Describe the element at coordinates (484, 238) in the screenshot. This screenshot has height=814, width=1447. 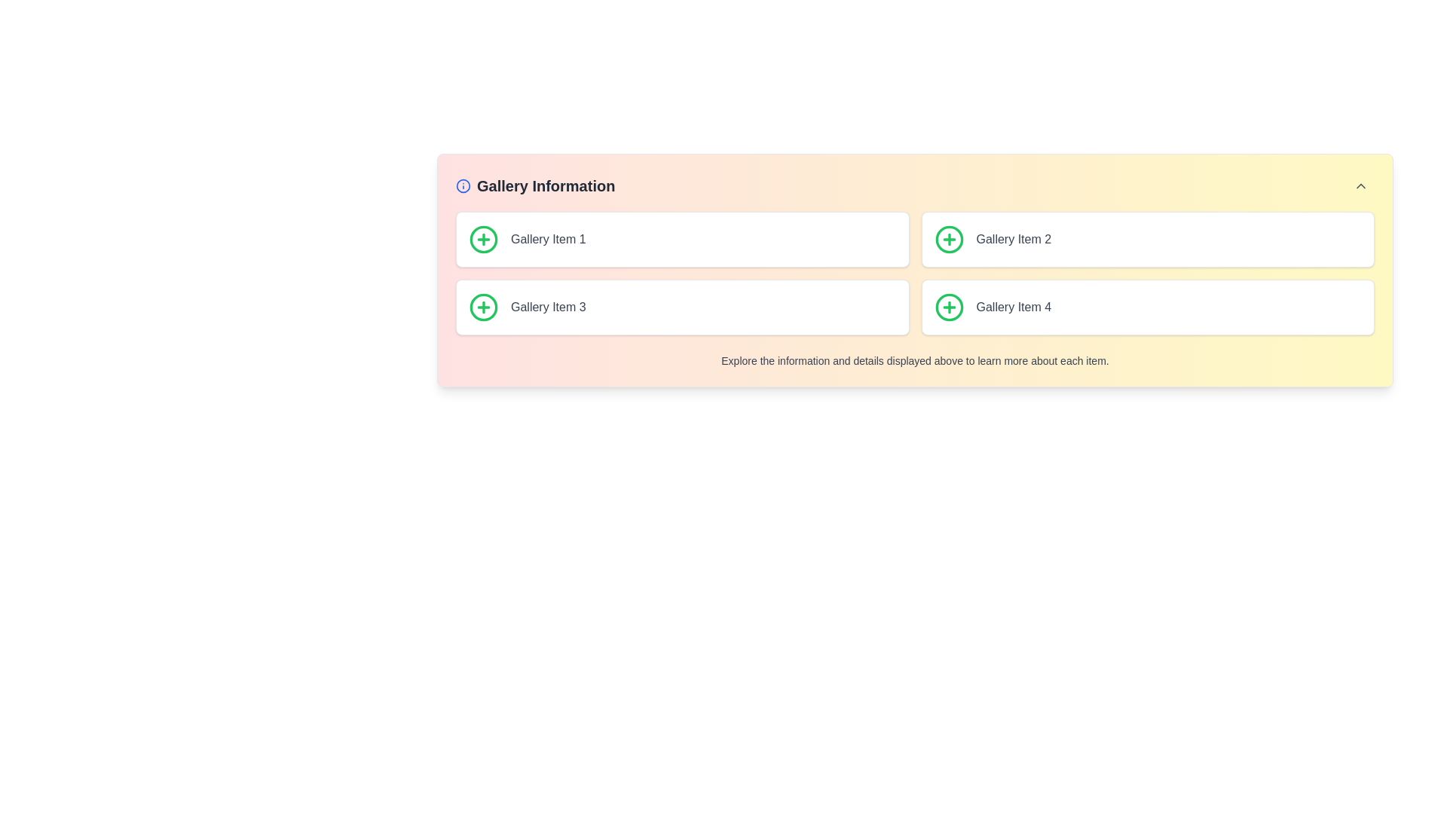
I see `the green circular icon button with a white plus sign` at that location.